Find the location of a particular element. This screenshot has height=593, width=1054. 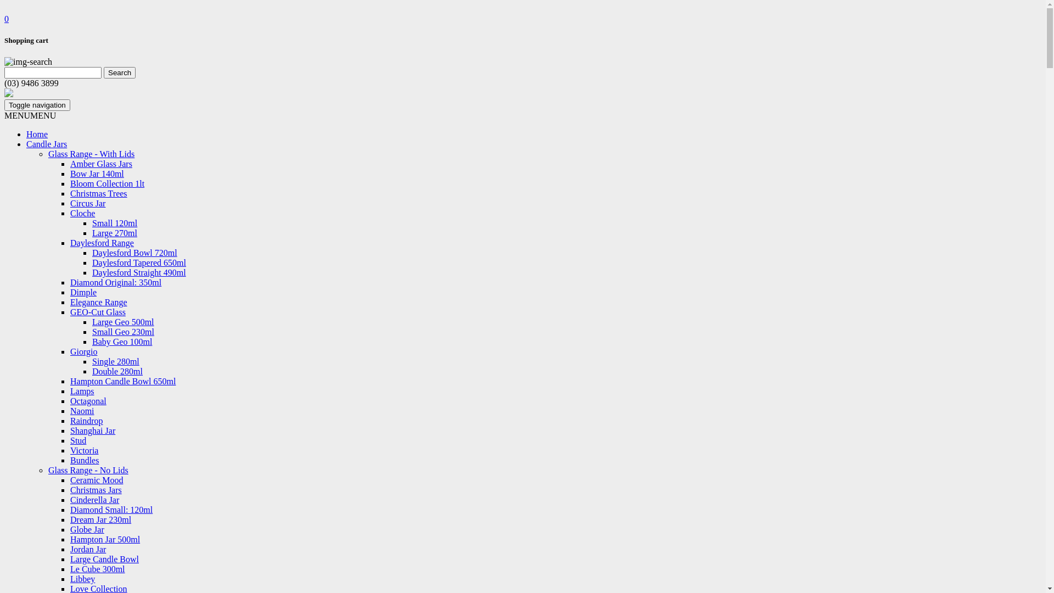

'Shanghai Jar' is located at coordinates (70, 430).